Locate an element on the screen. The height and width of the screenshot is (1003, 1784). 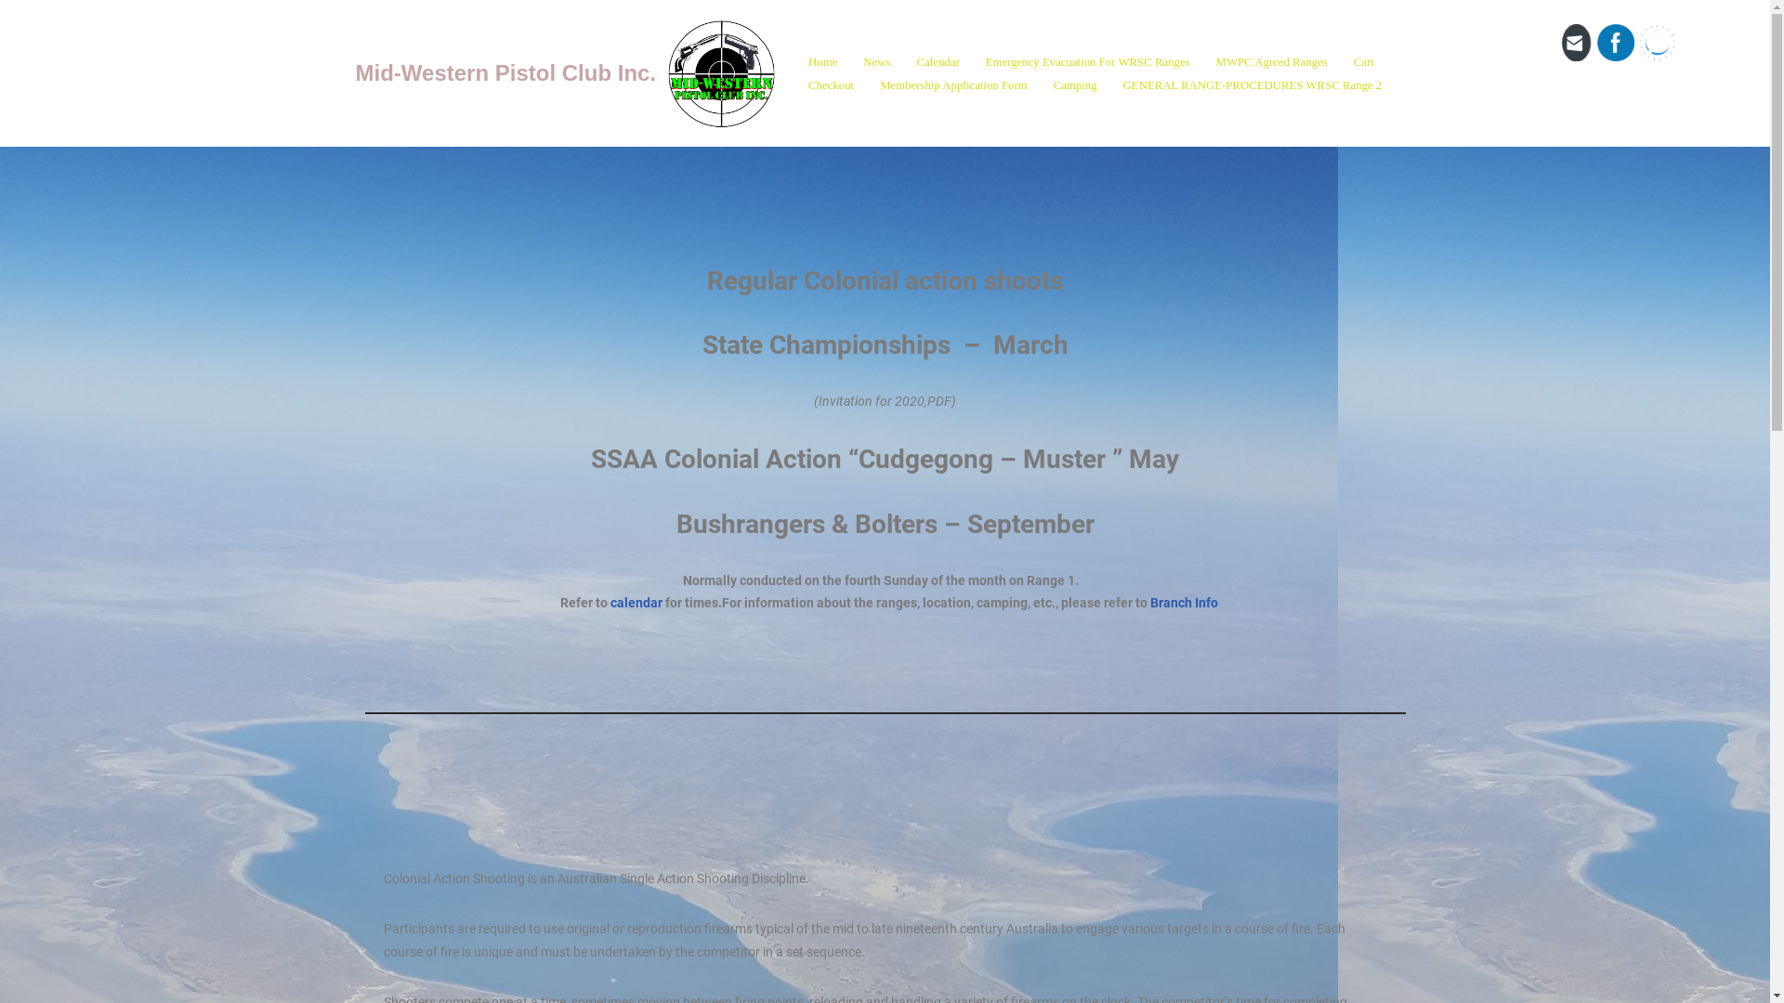
'GENERAL RANGE-PROCEDURES WRSC Range 2' is located at coordinates (1253, 85).